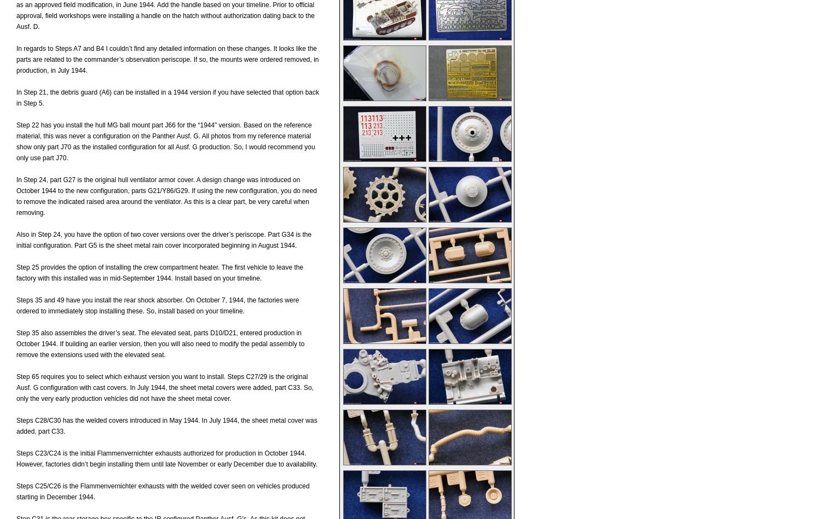 The image size is (821, 519). Describe the element at coordinates (158, 305) in the screenshot. I see `'Steps 35 and 49 have you install the rear shock absorber. On October 7, 1944, the factories were ordered to immediately stop installing these. So, install based on your timeline.'` at that location.